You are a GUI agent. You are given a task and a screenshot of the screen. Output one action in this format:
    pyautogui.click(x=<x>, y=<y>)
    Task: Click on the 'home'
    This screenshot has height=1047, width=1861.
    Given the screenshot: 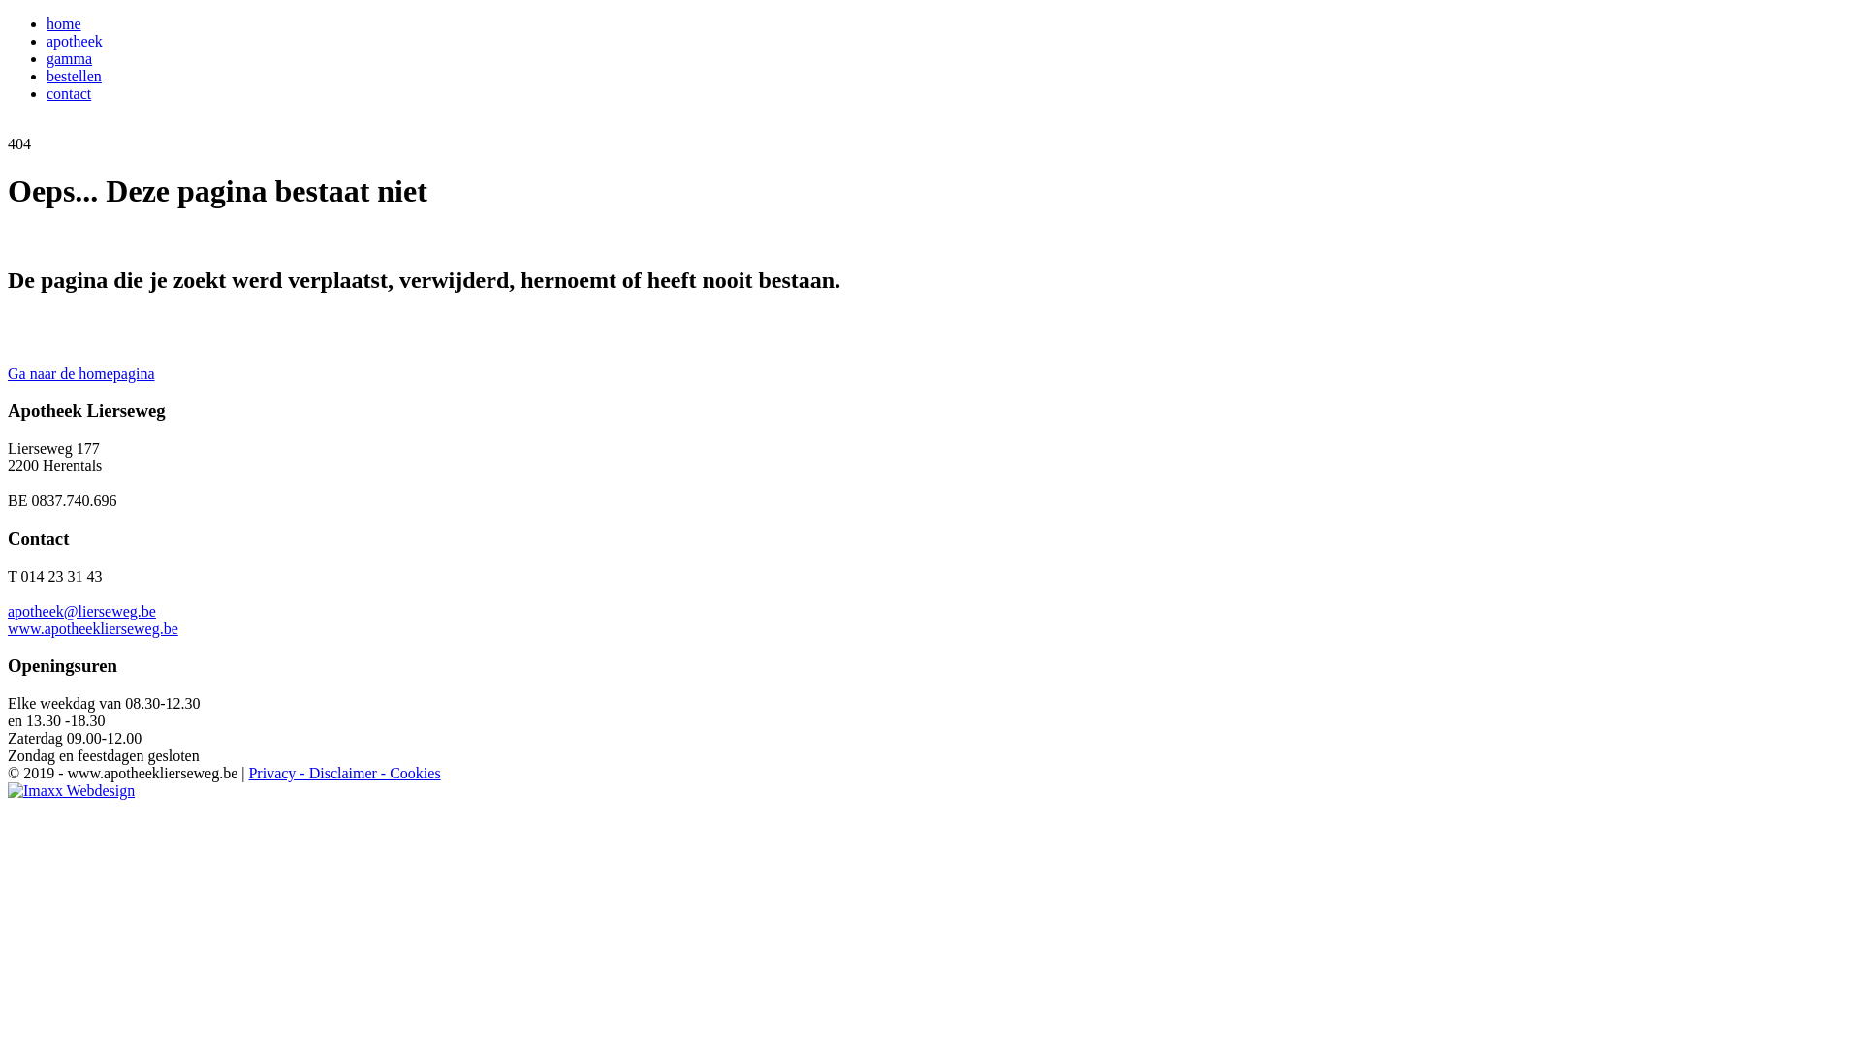 What is the action you would take?
    pyautogui.click(x=47, y=23)
    